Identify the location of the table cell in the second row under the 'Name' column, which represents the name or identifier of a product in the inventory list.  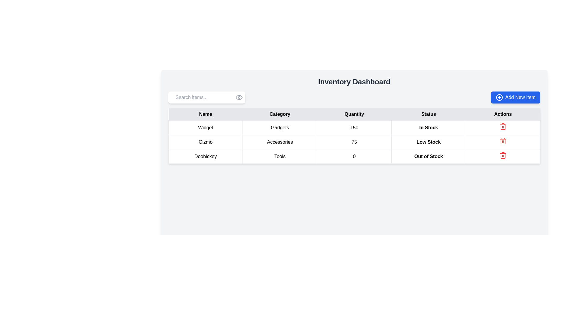
(206, 142).